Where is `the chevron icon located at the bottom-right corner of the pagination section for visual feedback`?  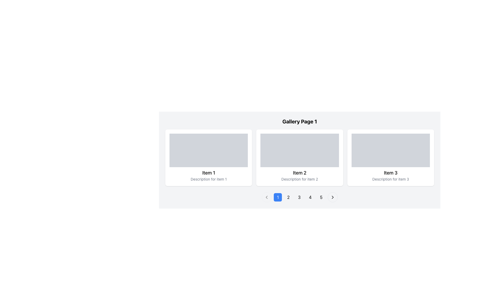 the chevron icon located at the bottom-right corner of the pagination section for visual feedback is located at coordinates (332, 197).